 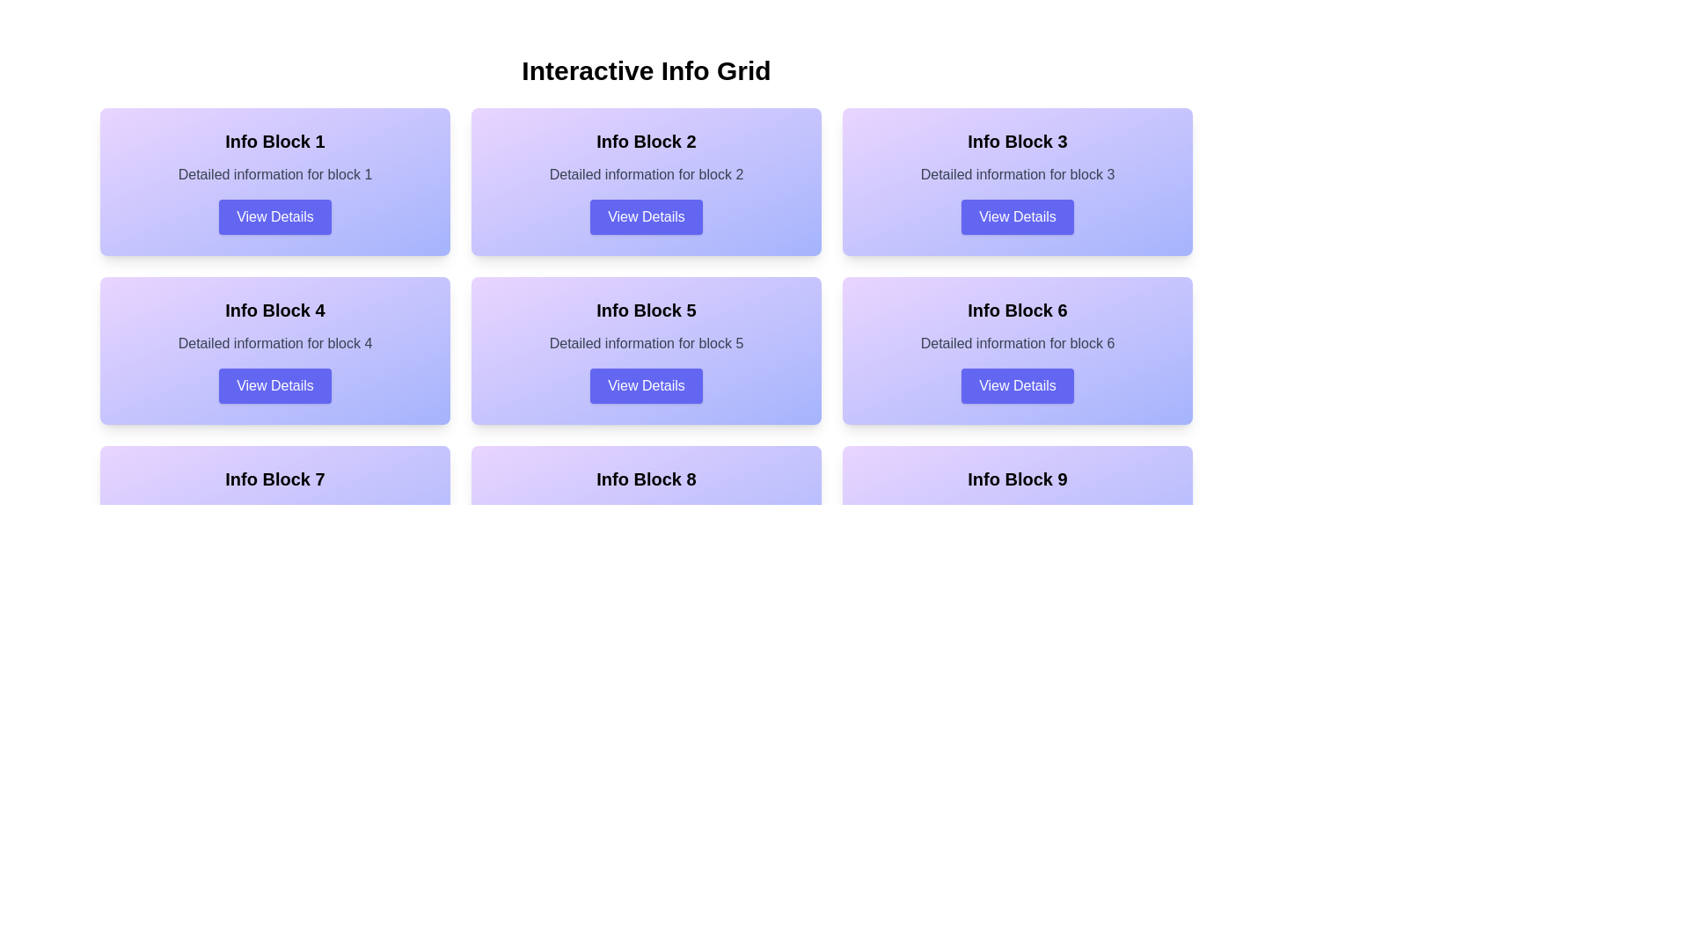 What do you see at coordinates (1017, 343) in the screenshot?
I see `the static text component that provides additional information related to 'Info Block 6', located in the middle column of the bottom row of the 3x3 grid layout` at bounding box center [1017, 343].